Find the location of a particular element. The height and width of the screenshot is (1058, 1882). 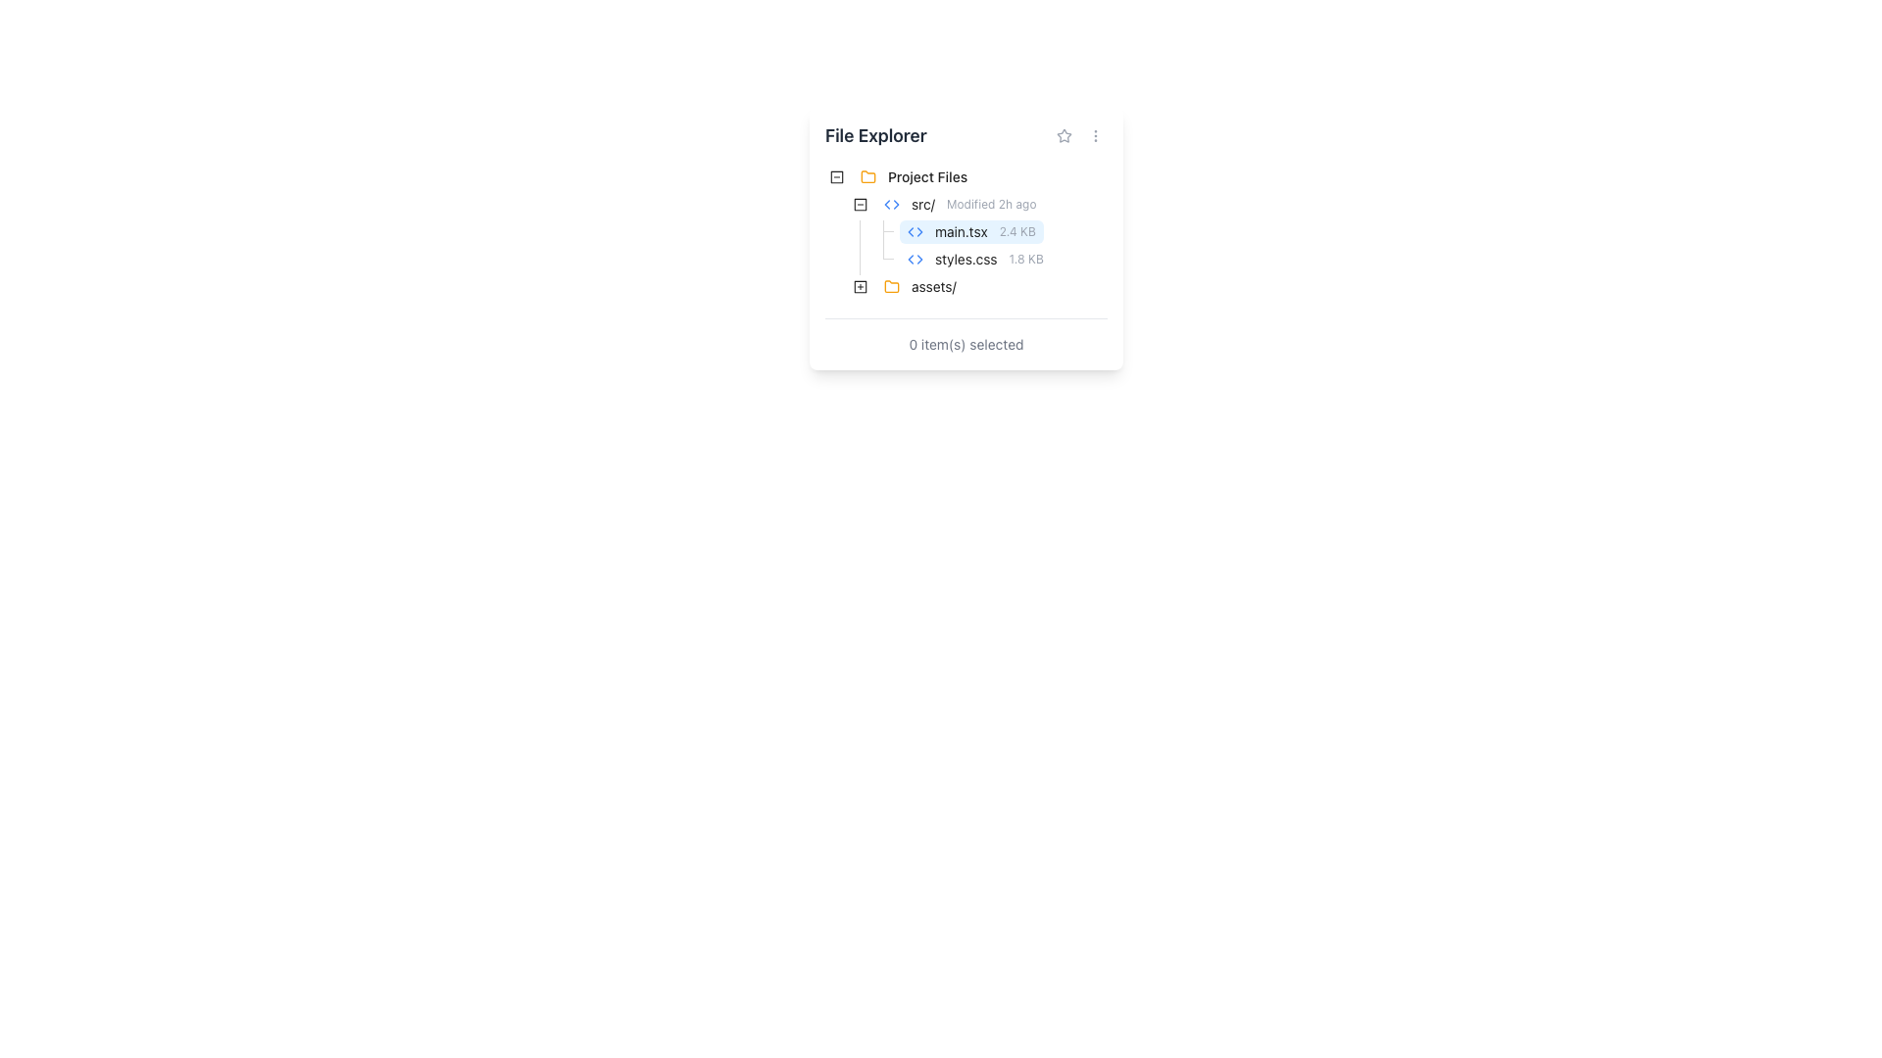

the 'assets/' folder node in the tree view is located at coordinates (918, 287).